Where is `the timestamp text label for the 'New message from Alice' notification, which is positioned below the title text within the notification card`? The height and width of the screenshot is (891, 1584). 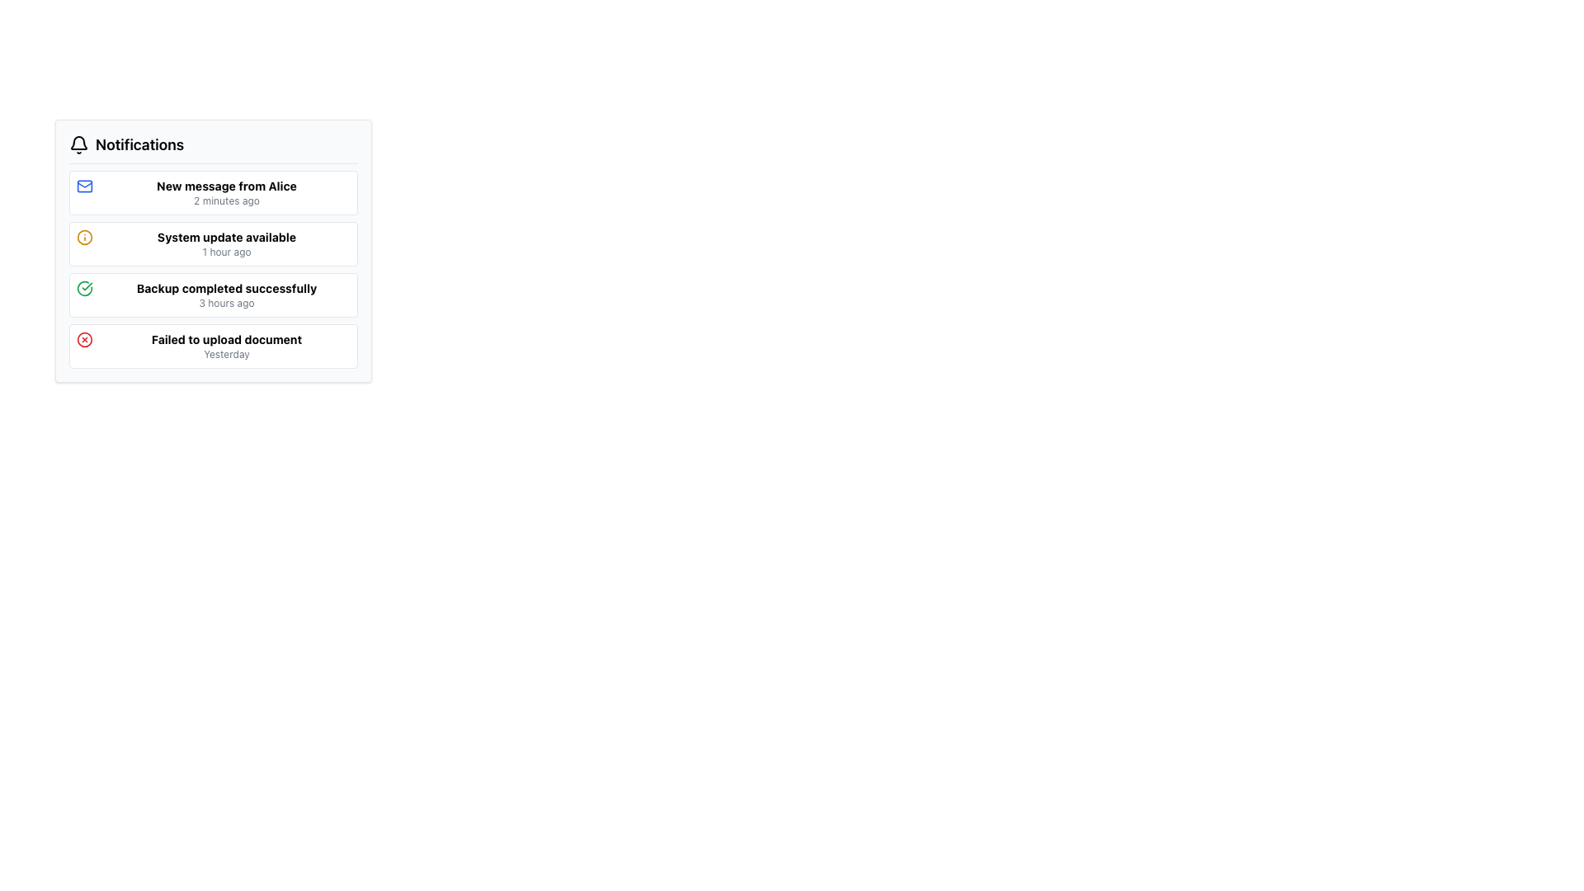 the timestamp text label for the 'New message from Alice' notification, which is positioned below the title text within the notification card is located at coordinates (225, 200).